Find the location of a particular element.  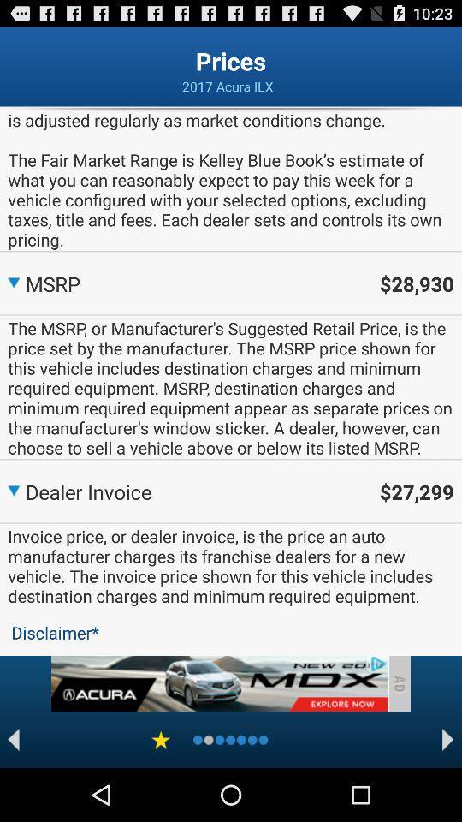

the play icon is located at coordinates (447, 791).